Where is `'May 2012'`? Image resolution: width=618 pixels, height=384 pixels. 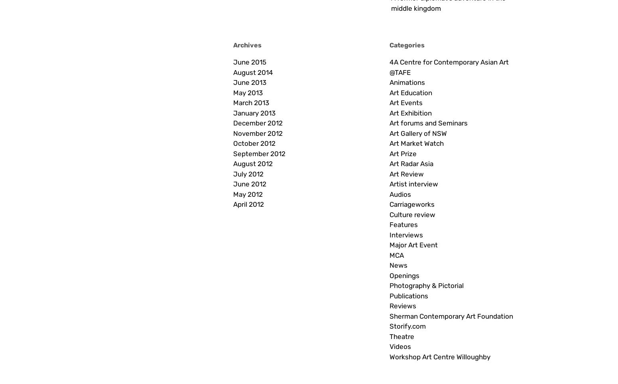 'May 2012' is located at coordinates (233, 194).